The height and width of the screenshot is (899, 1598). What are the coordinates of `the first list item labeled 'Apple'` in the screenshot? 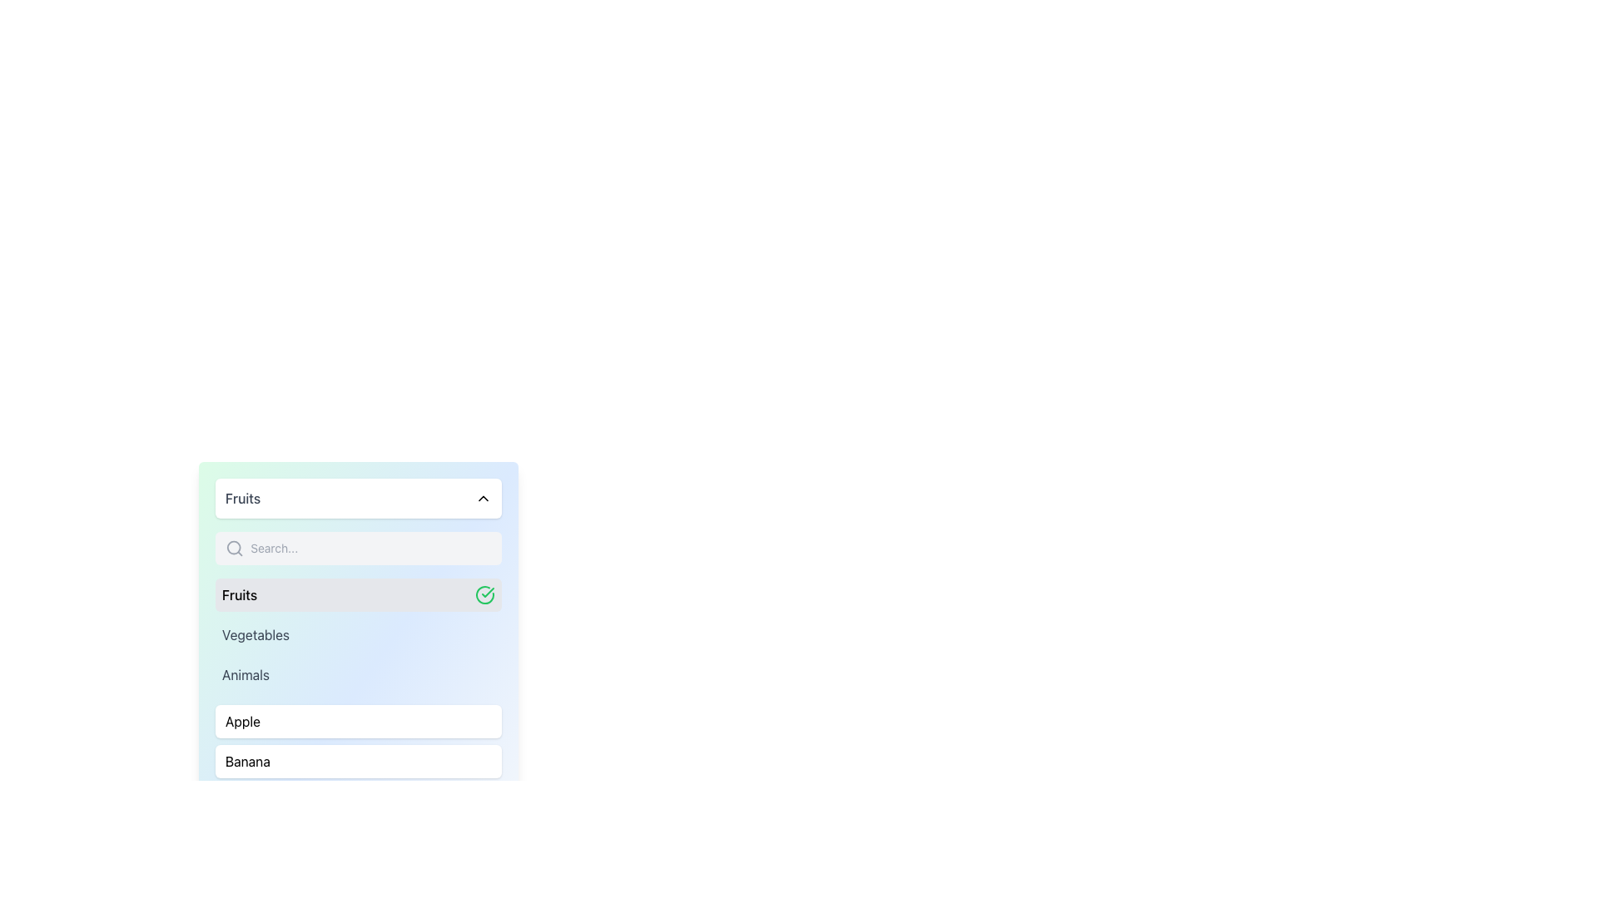 It's located at (358, 721).